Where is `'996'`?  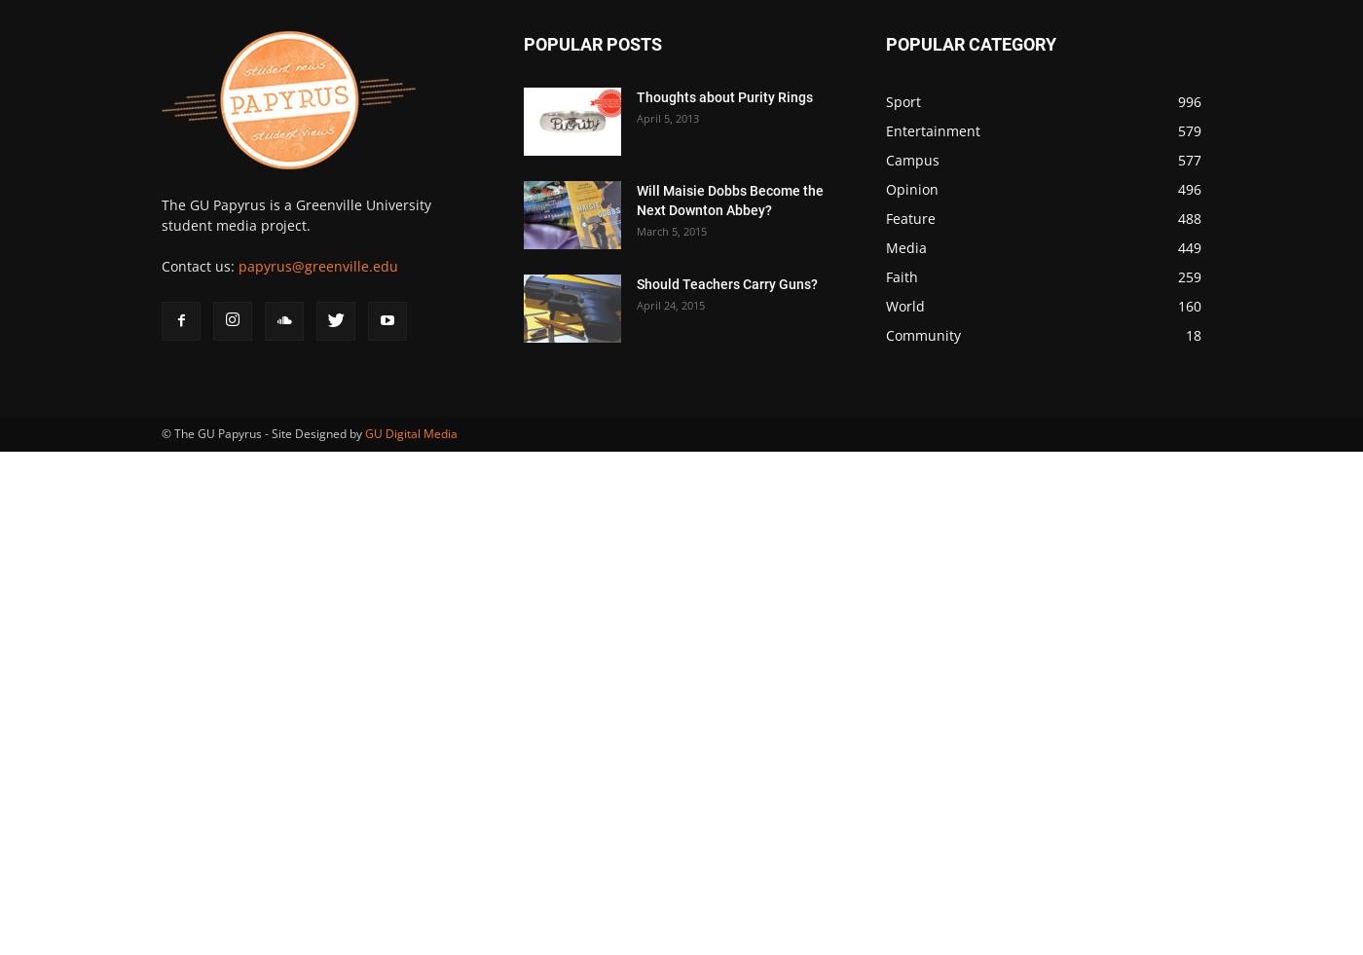
'996' is located at coordinates (1190, 100).